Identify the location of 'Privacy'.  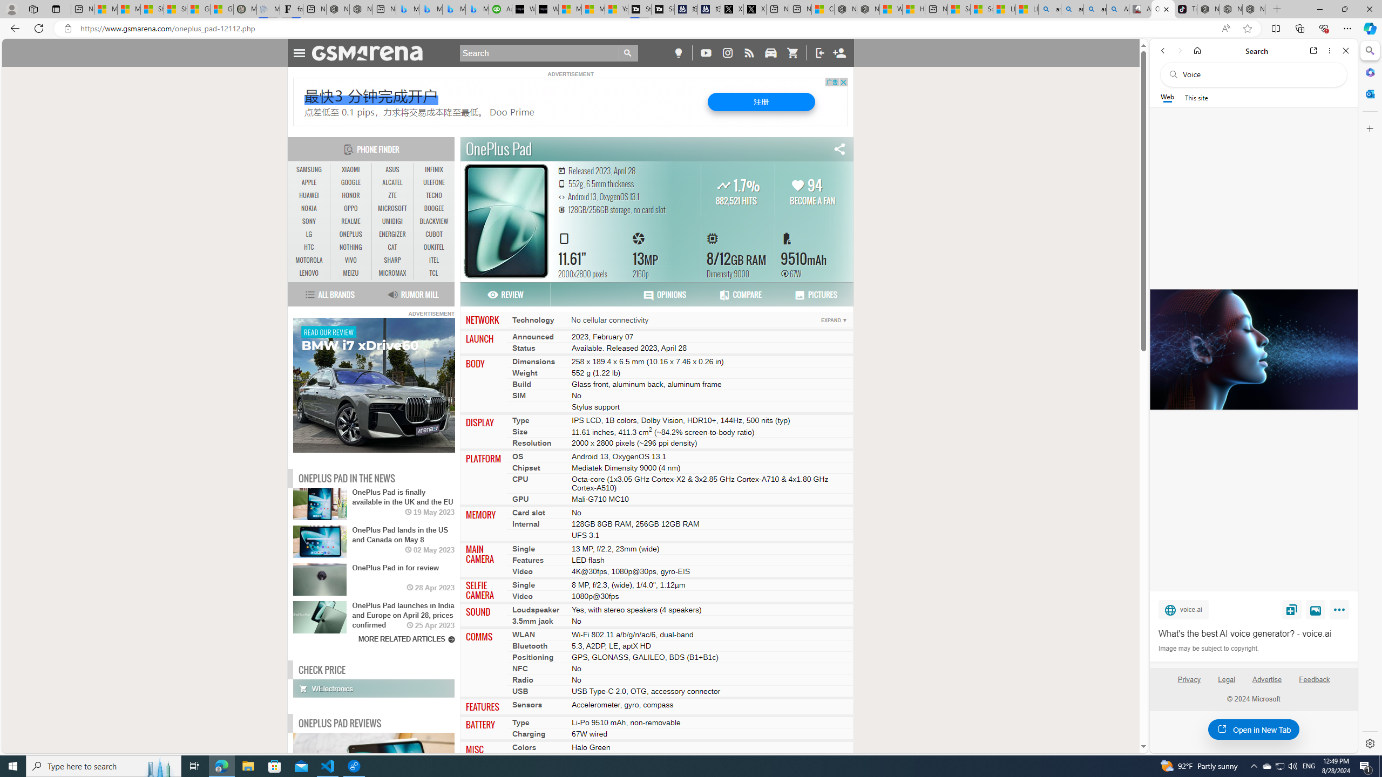
(1188, 679).